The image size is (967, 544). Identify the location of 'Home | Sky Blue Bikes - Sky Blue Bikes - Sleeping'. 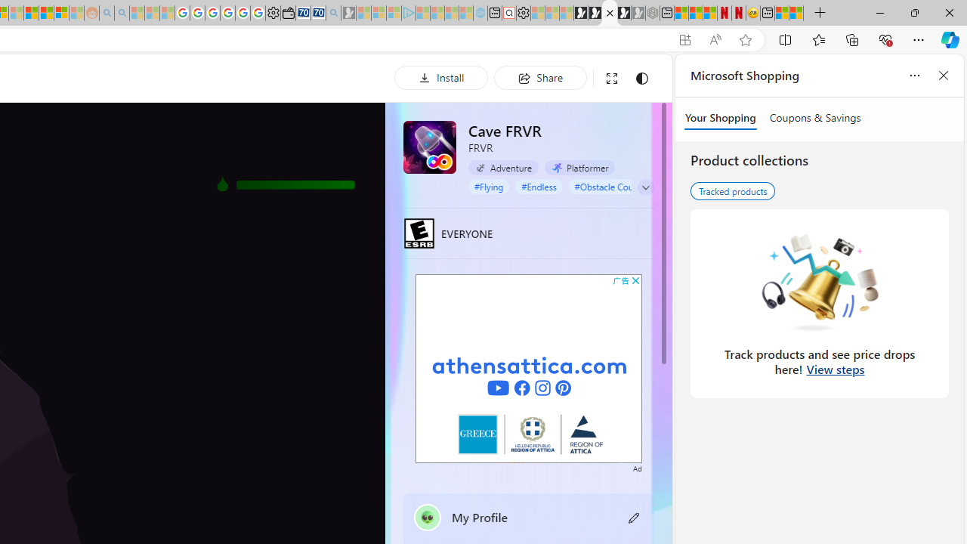
(480, 13).